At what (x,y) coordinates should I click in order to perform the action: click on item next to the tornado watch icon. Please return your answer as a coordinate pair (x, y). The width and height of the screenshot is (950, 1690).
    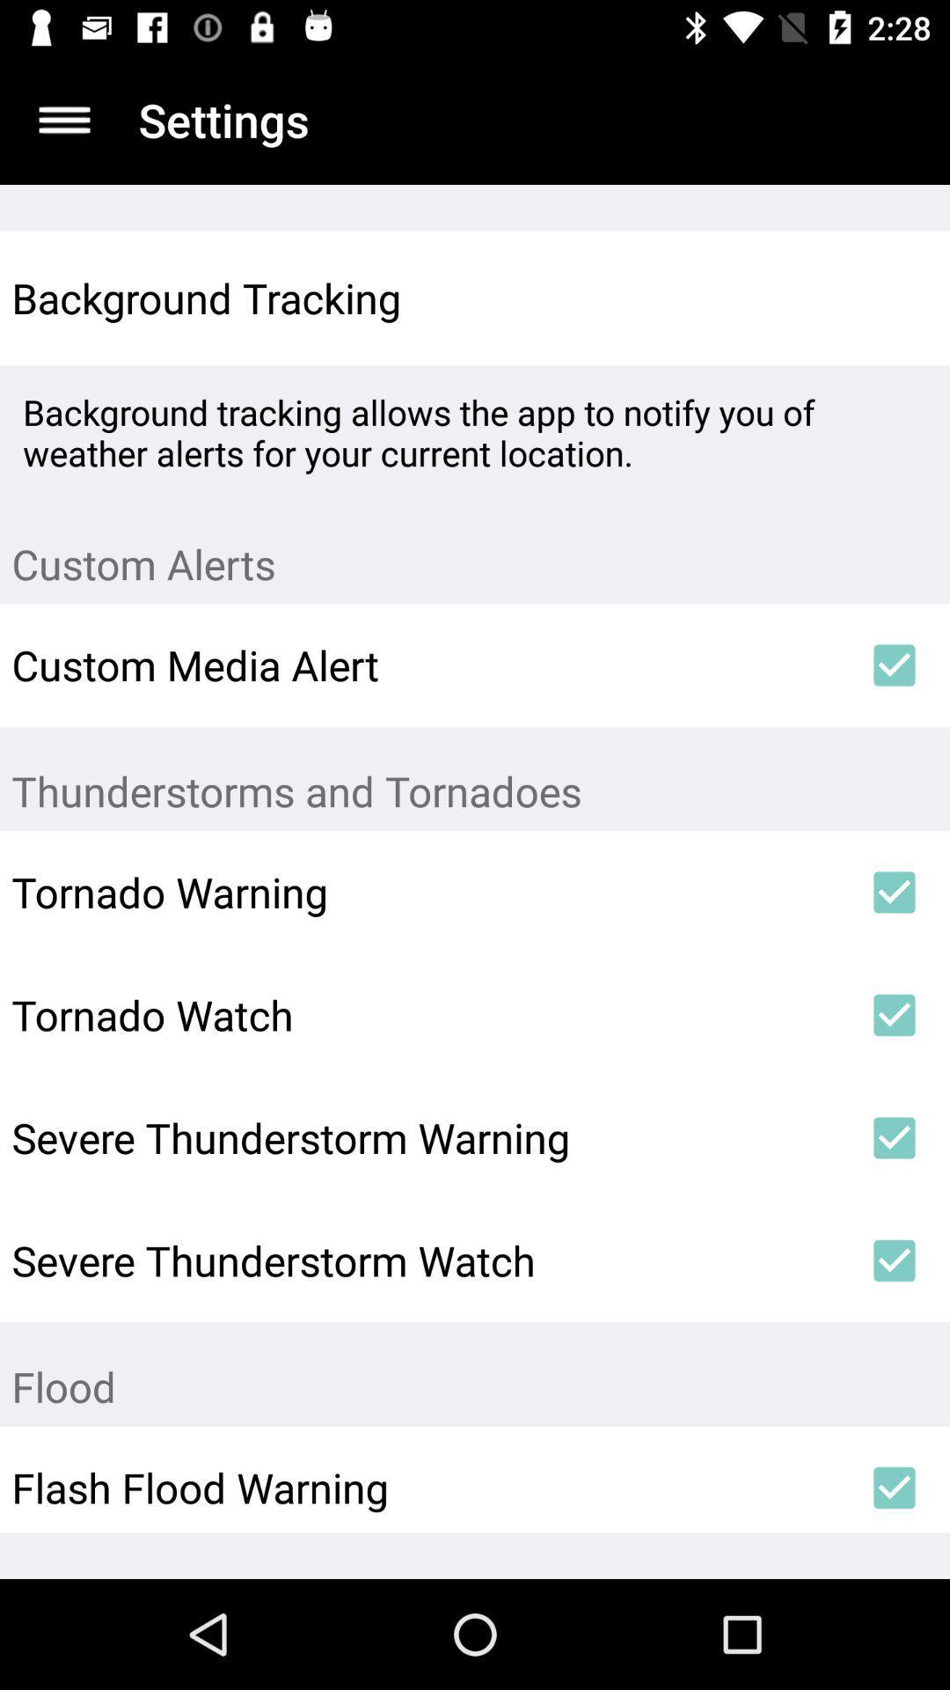
    Looking at the image, I should click on (895, 1015).